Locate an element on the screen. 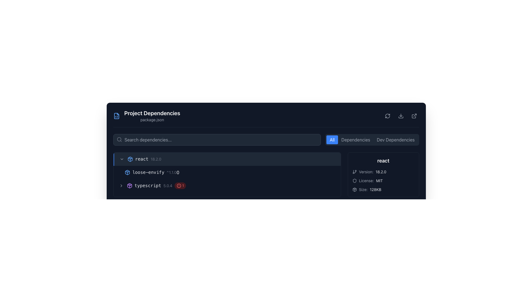 This screenshot has width=532, height=299. the text label displaying 'Version: 18.2.0' with a branch icon, which is the first entry in the details list on the right-hand side of the interface is located at coordinates (383, 172).